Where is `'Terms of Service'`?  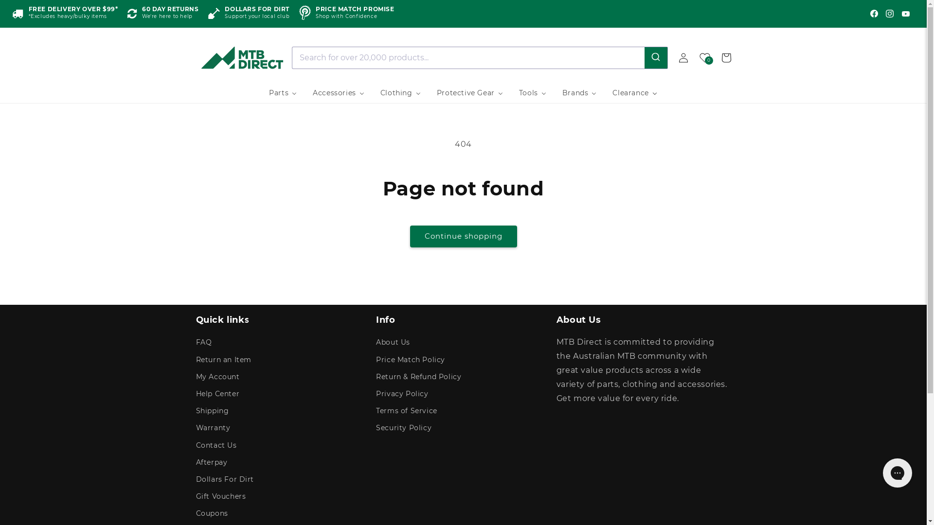
'Terms of Service' is located at coordinates (406, 411).